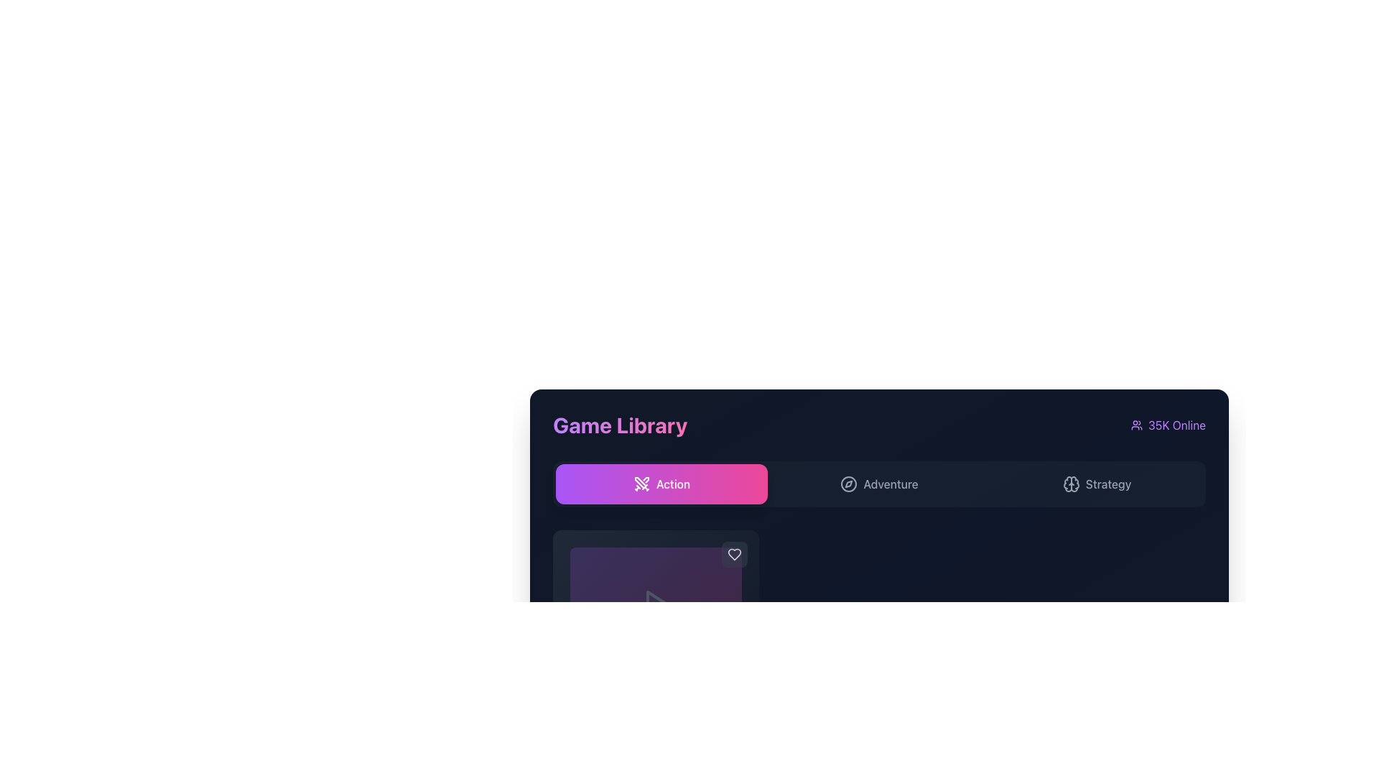 The width and height of the screenshot is (1379, 776). What do you see at coordinates (641, 484) in the screenshot?
I see `the decorative 'Action' icon located on the left within the menu bar, positioned near the center-left horizontally in the window's upper section` at bounding box center [641, 484].